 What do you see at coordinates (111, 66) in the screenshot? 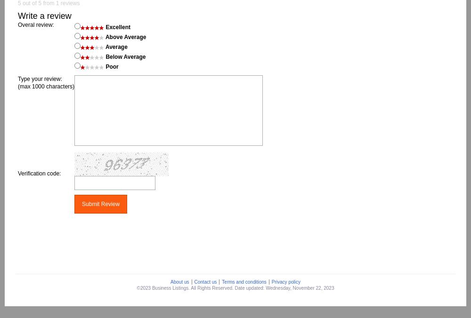
I see `'Poor'` at bounding box center [111, 66].